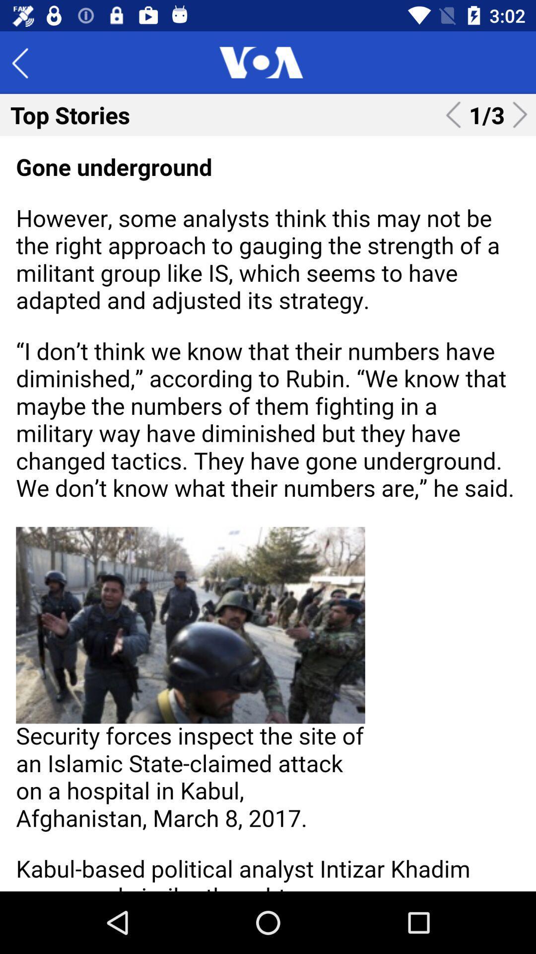  What do you see at coordinates (27, 62) in the screenshot?
I see `previous button` at bounding box center [27, 62].